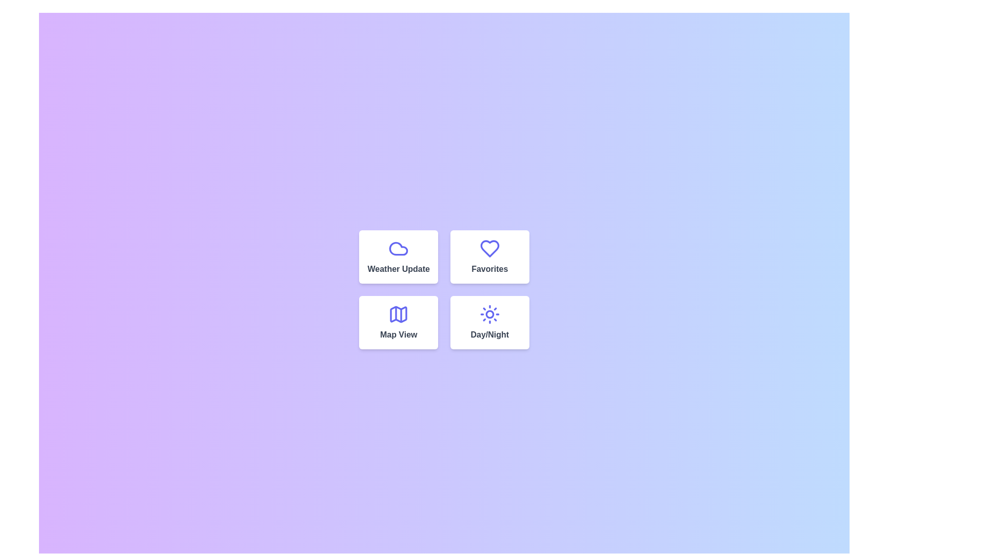  I want to click on the heart icon in the 'Favorites' card located in the top-right position of the grid, so click(489, 249).